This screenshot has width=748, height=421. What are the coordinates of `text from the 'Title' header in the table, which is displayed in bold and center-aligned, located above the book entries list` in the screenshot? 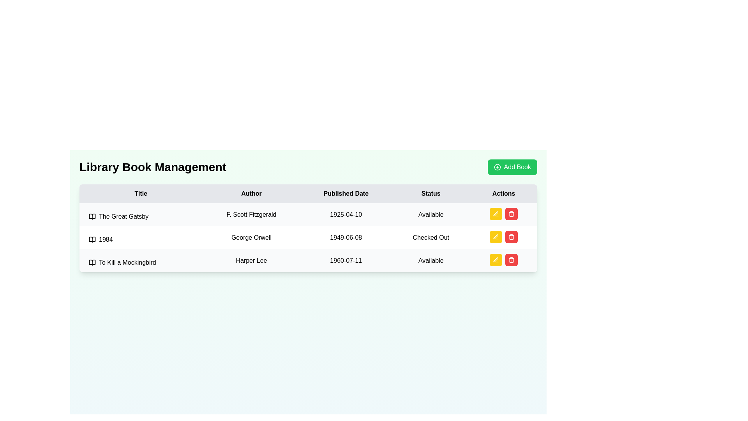 It's located at (141, 193).